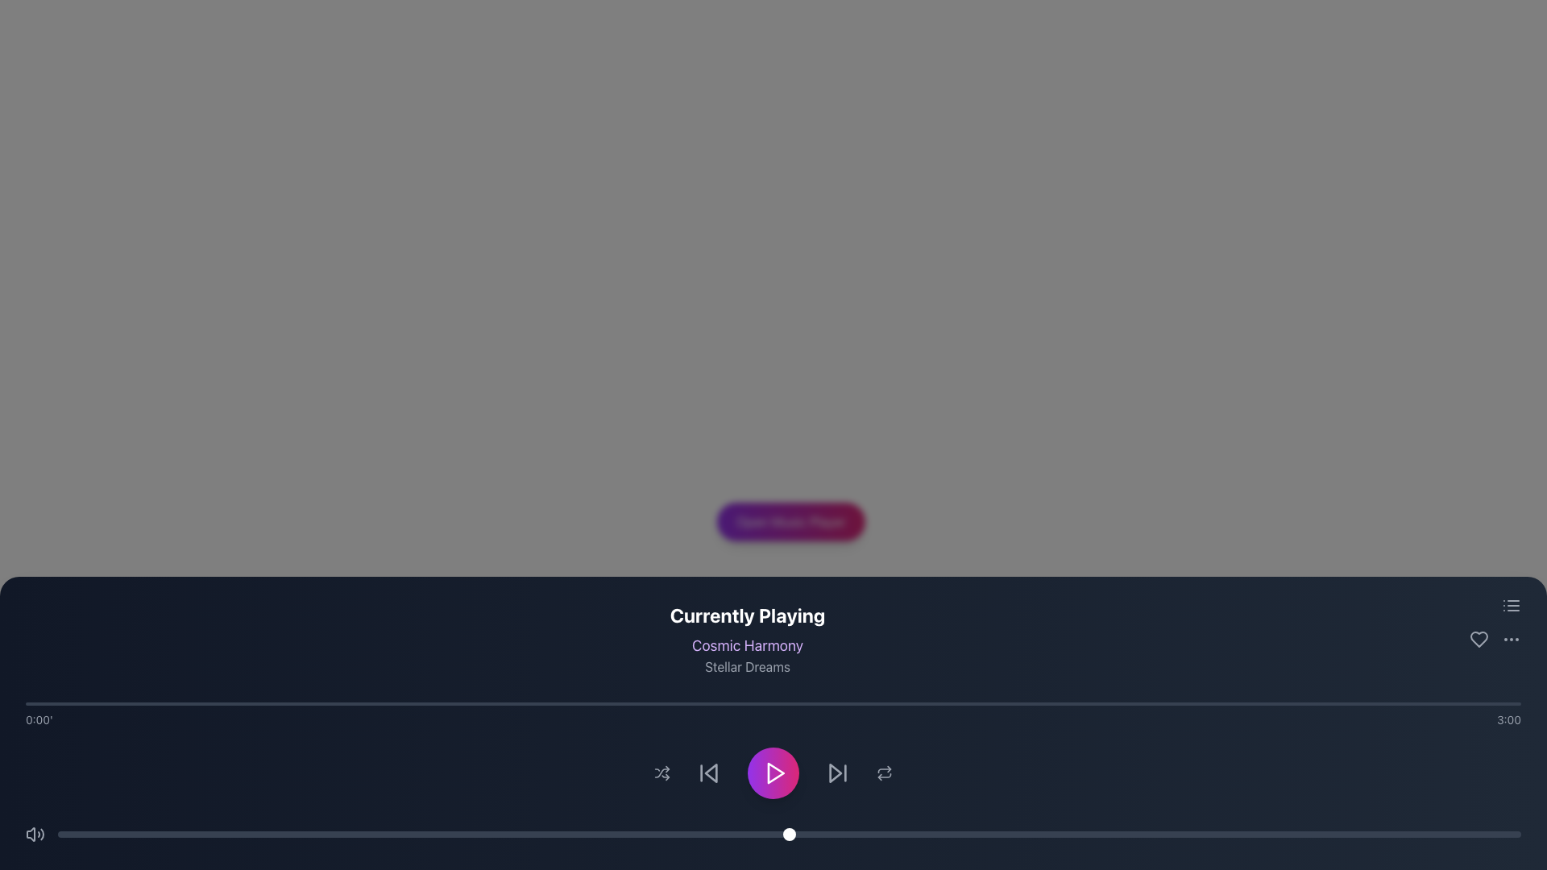 Image resolution: width=1547 pixels, height=870 pixels. What do you see at coordinates (884, 773) in the screenshot?
I see `the repeat button located in the bottom control bar of the media interface` at bounding box center [884, 773].